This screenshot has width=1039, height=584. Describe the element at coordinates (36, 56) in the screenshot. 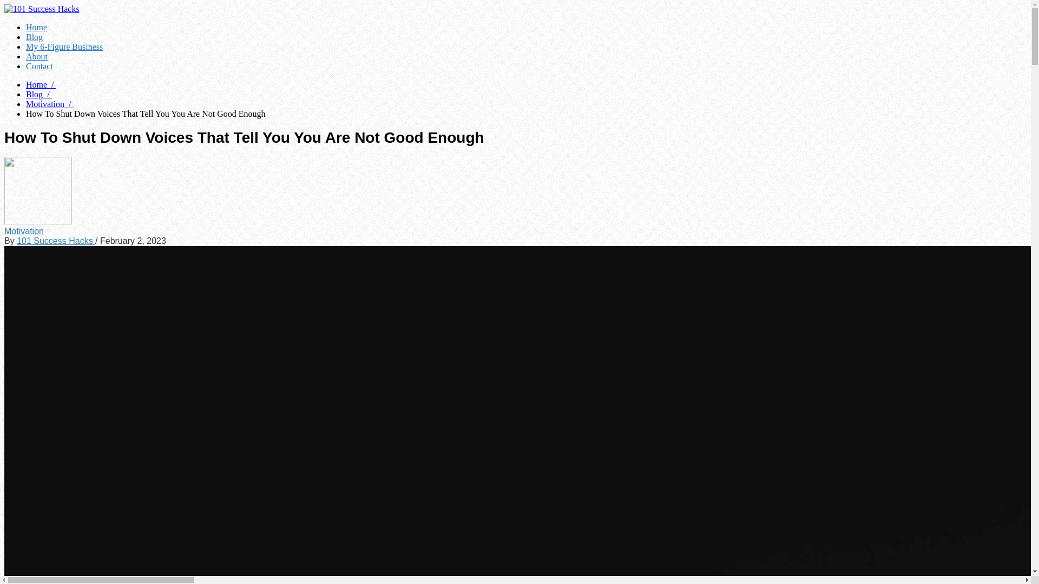

I see `'About'` at that location.